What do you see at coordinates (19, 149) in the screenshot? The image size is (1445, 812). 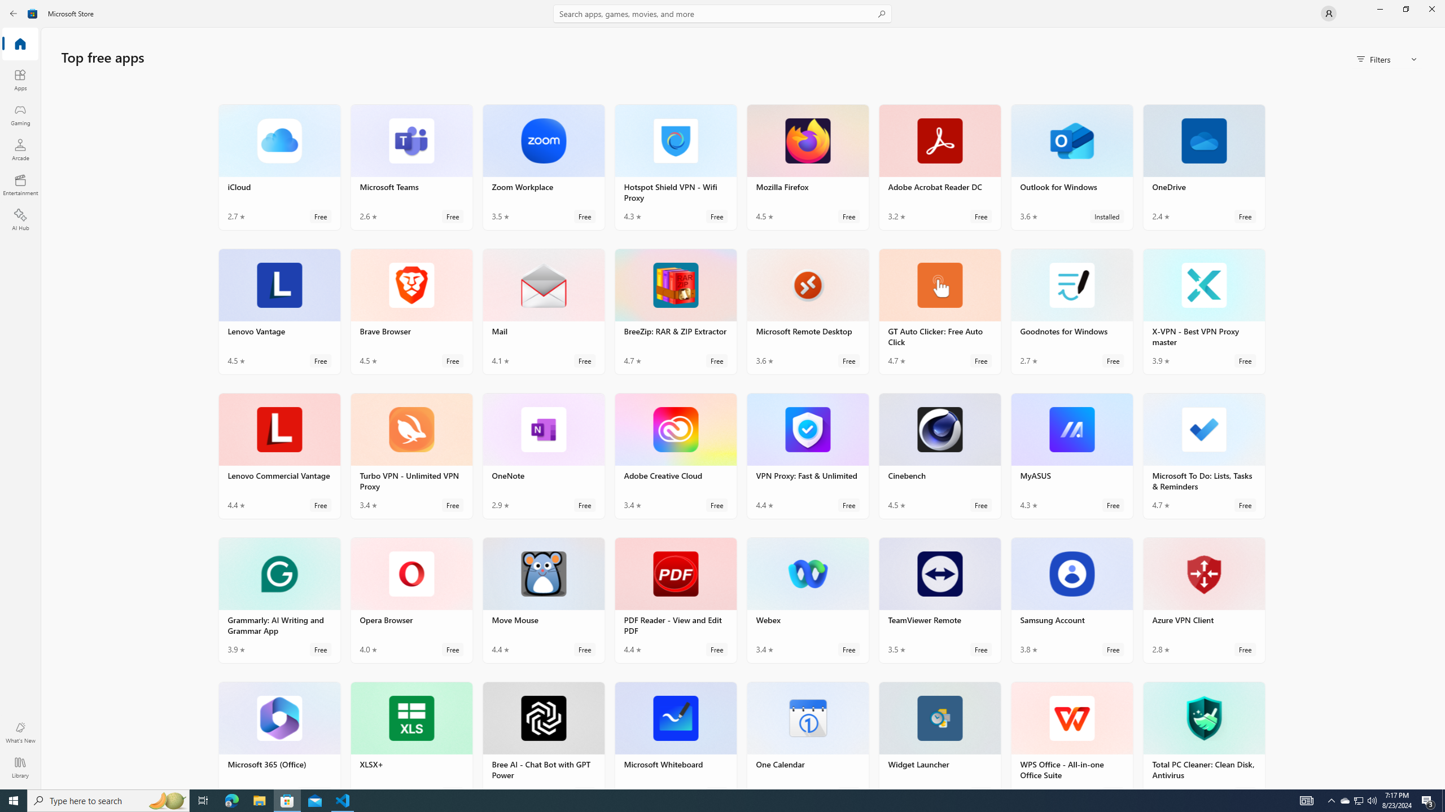 I see `'Arcade'` at bounding box center [19, 149].